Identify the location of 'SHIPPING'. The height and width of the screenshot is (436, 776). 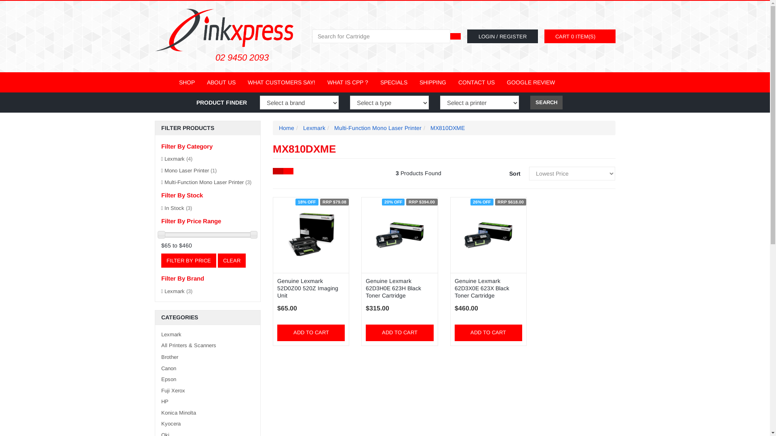
(432, 82).